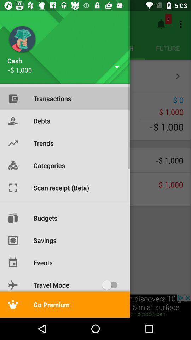  Describe the element at coordinates (178, 76) in the screenshot. I see `the button which is below the future` at that location.